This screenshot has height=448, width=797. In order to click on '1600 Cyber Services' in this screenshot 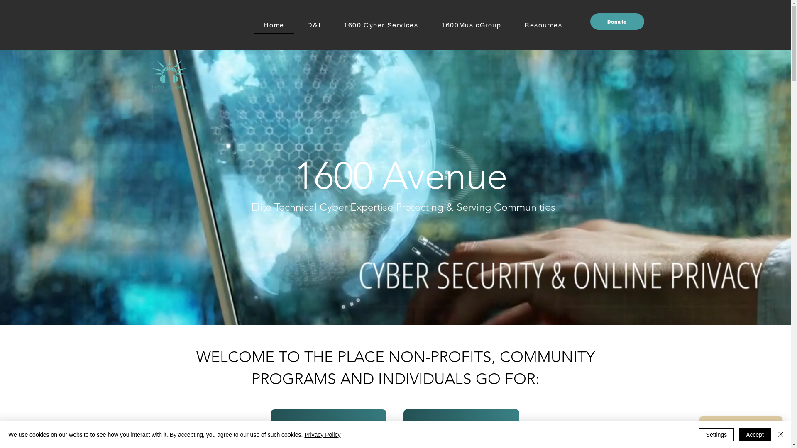, I will do `click(380, 25)`.